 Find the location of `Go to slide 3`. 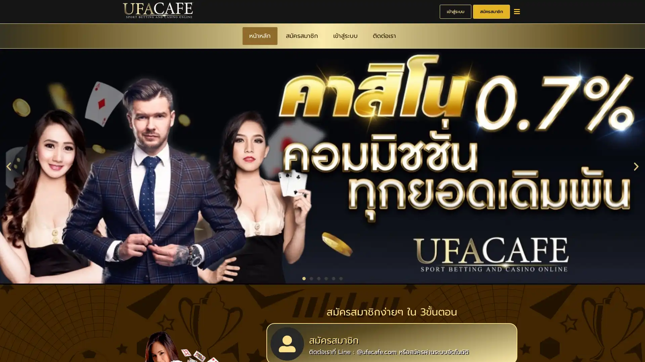

Go to slide 3 is located at coordinates (318, 278).